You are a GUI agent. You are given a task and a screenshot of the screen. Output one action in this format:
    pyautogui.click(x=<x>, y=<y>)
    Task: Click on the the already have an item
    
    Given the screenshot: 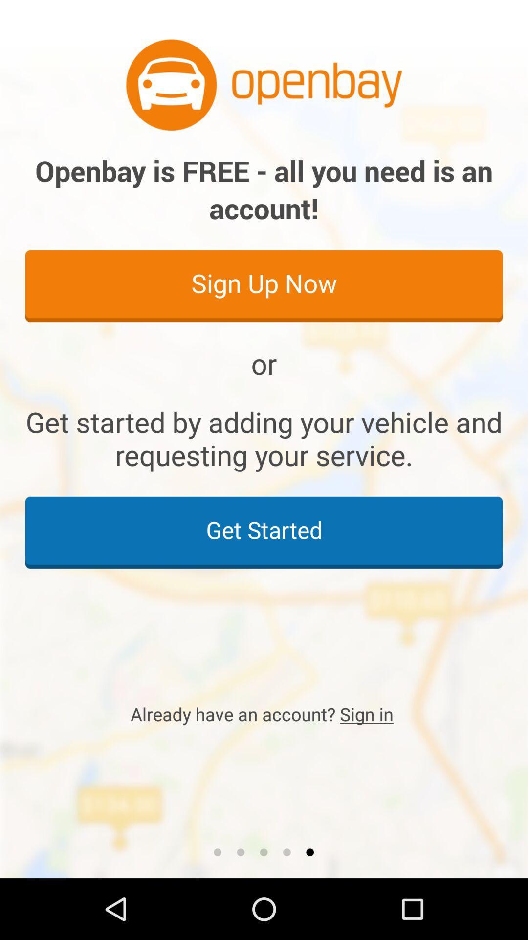 What is the action you would take?
    pyautogui.click(x=264, y=714)
    